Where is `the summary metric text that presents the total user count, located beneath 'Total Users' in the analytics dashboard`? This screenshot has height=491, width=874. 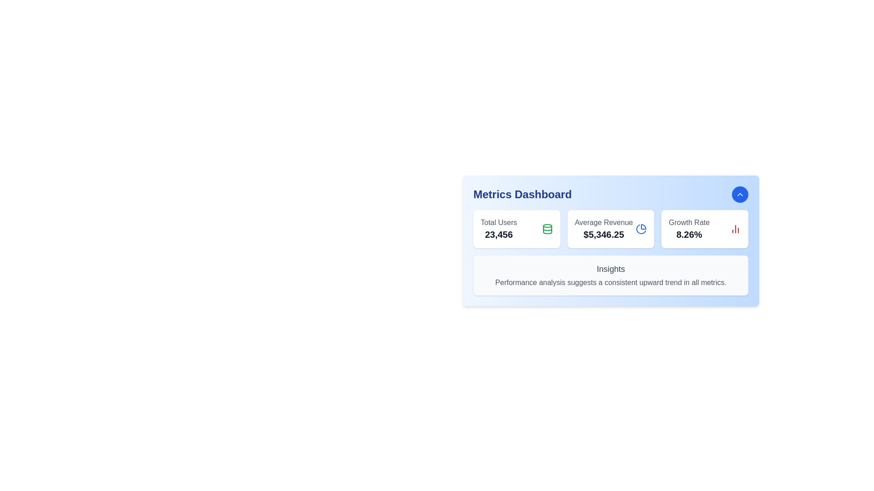 the summary metric text that presents the total user count, located beneath 'Total Users' in the analytics dashboard is located at coordinates (498, 234).